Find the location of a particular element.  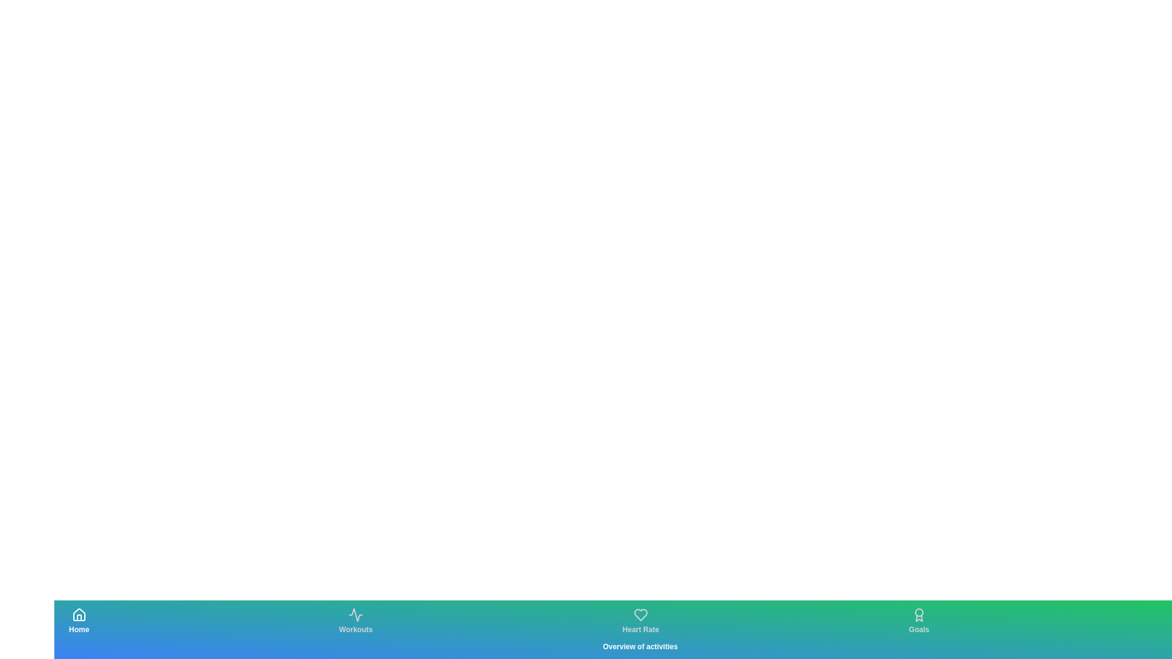

the tab labeled Goals to view its hover effect is located at coordinates (919, 621).